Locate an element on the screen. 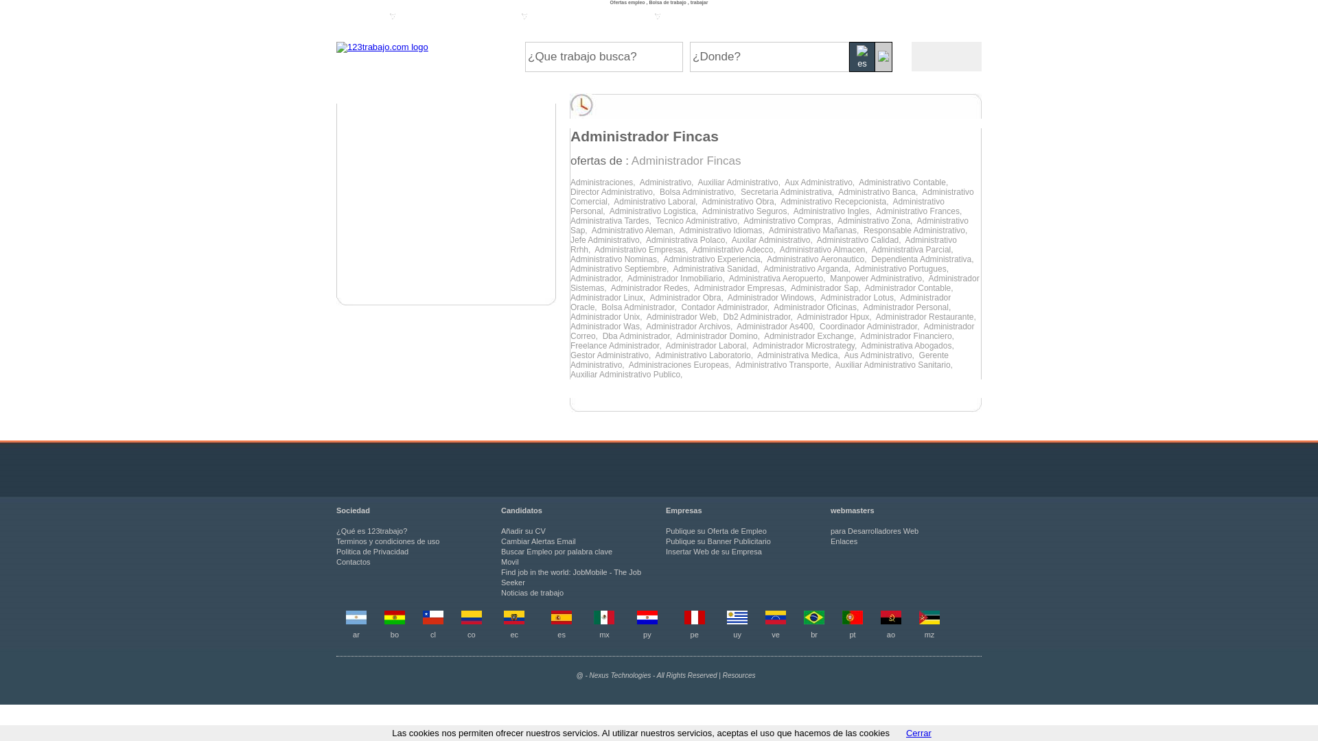 This screenshot has width=1318, height=741. 'Administrador Unix, ' is located at coordinates (608, 317).